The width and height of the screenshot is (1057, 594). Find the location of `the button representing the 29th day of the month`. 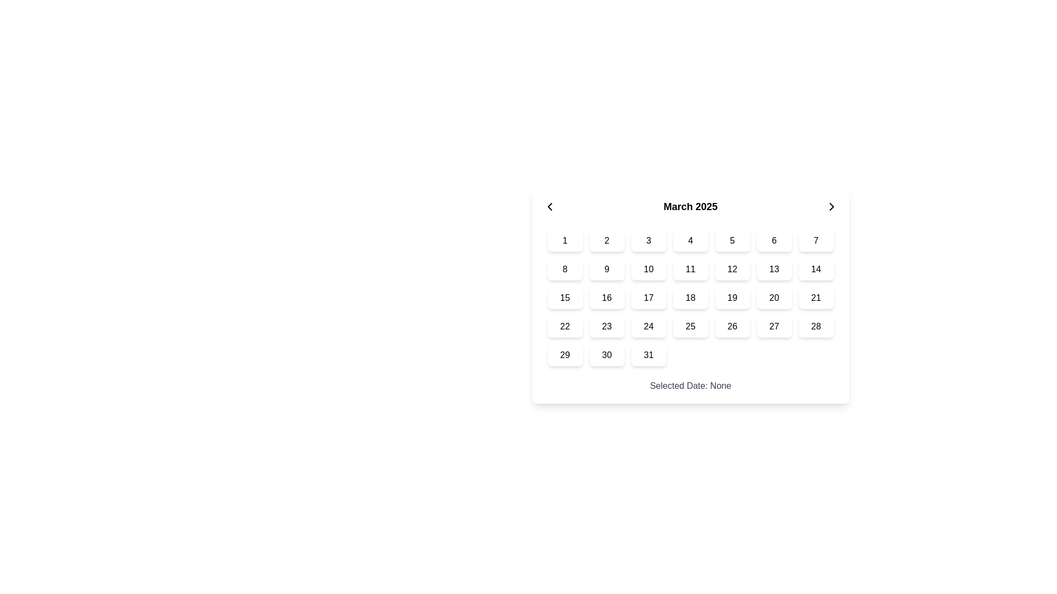

the button representing the 29th day of the month is located at coordinates (565, 355).